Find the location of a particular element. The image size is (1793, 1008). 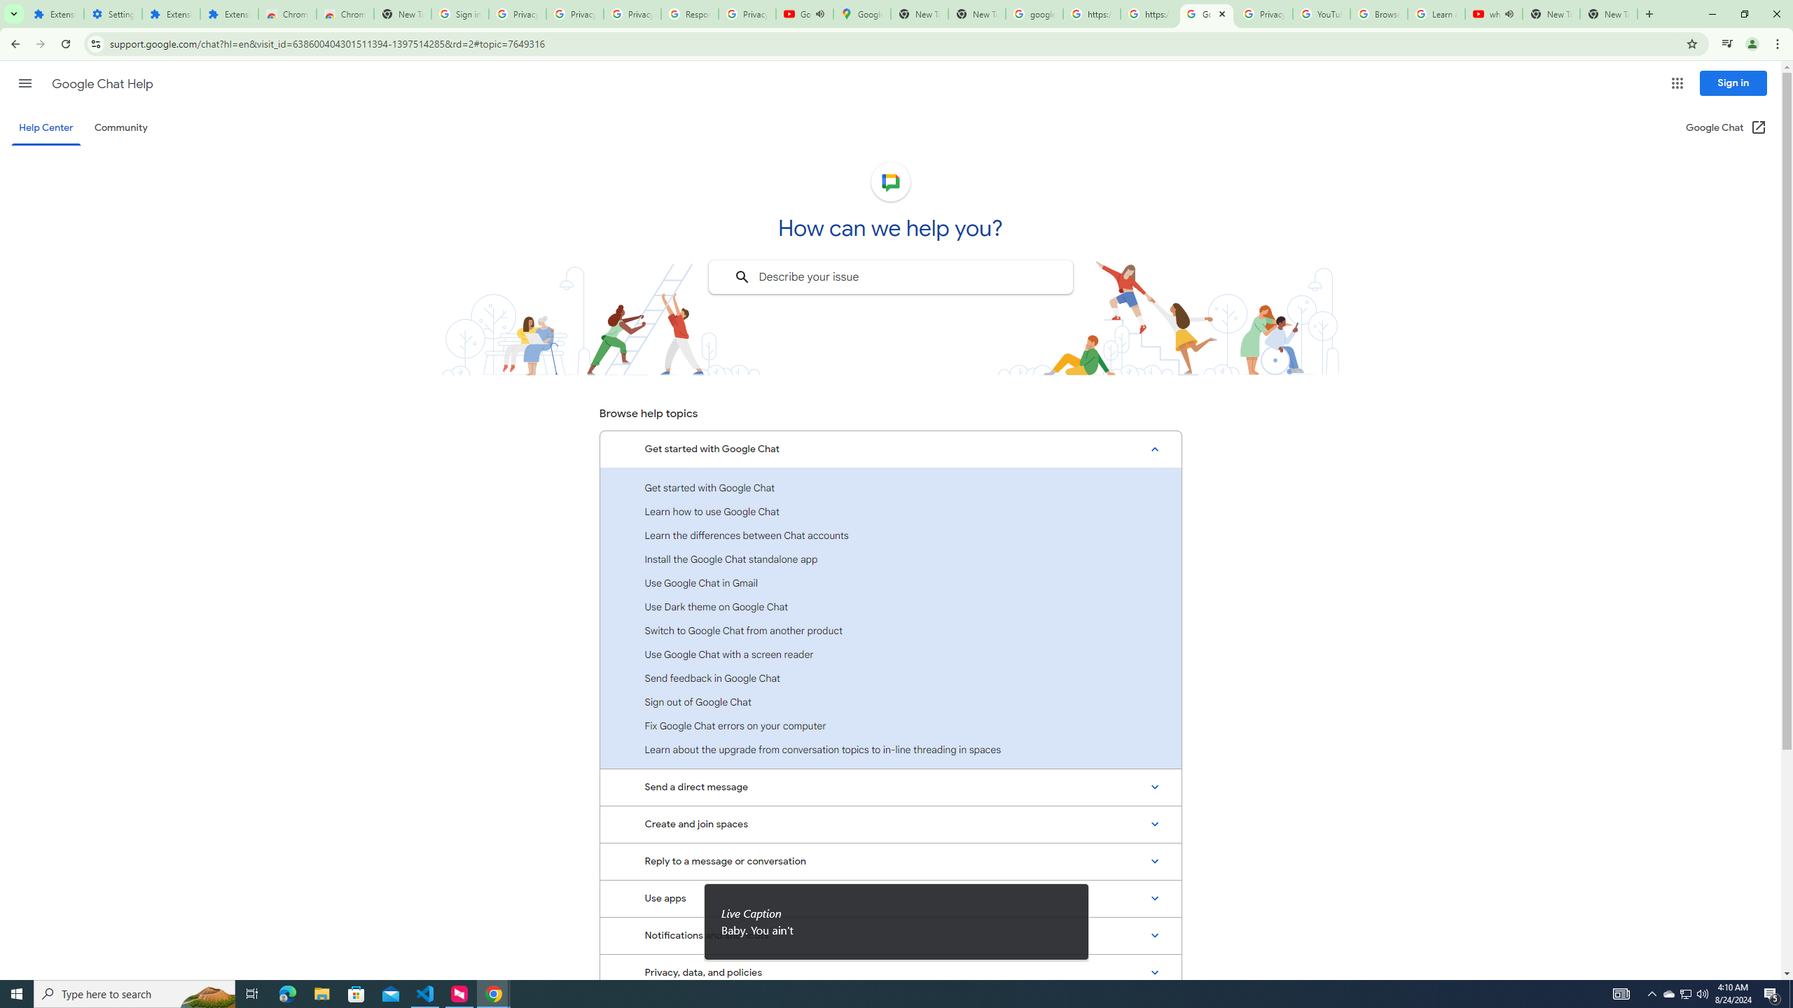

'Get started with Google Chat' is located at coordinates (890, 487).